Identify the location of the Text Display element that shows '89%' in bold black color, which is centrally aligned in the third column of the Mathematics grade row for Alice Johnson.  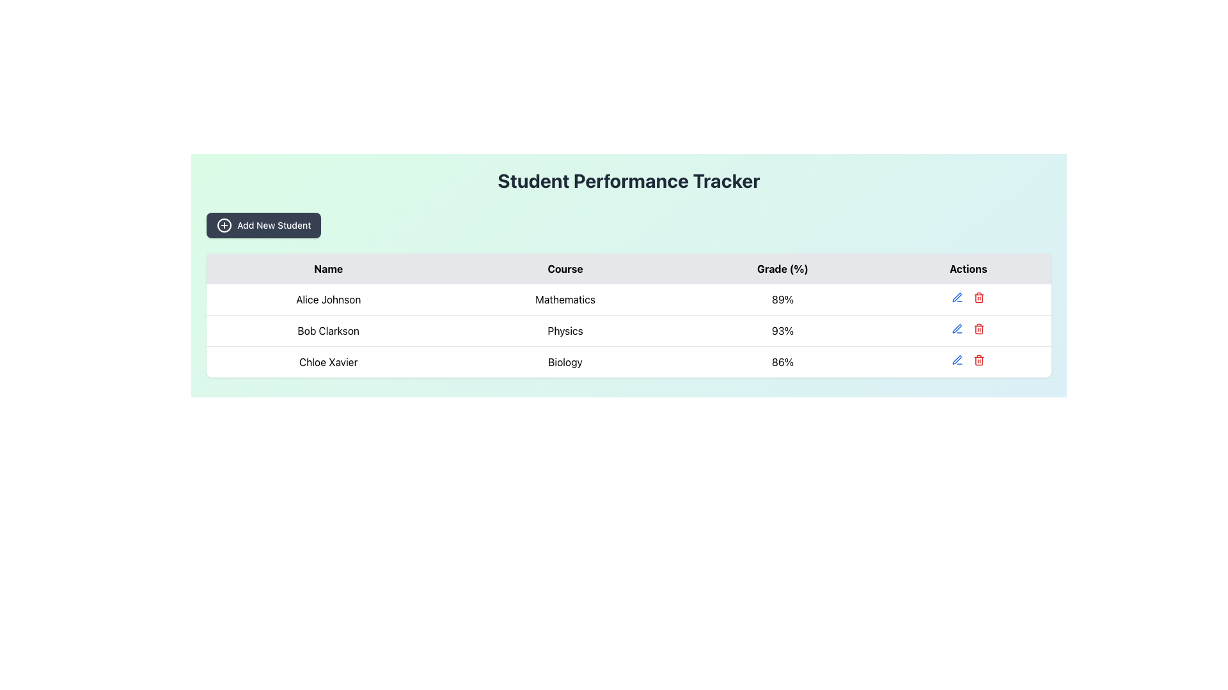
(782, 300).